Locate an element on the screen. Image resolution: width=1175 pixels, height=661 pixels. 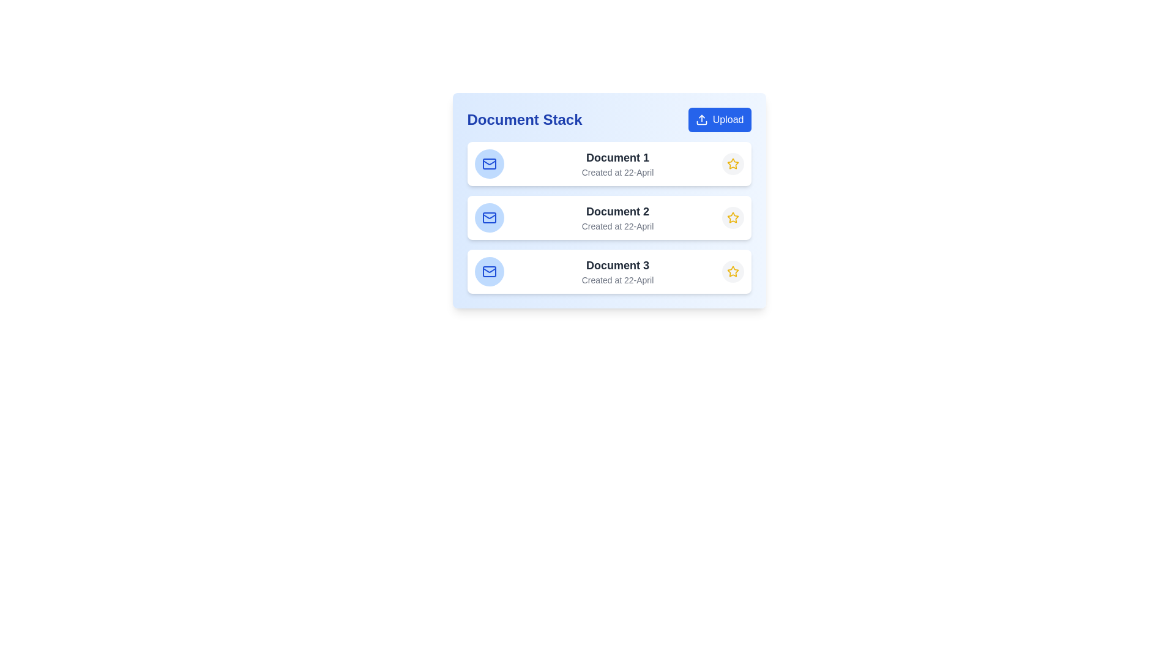
the circular button with a light gray background and a yellow star icon, located to the right of 'Document 2' and 'Created at 22-April' within the list item is located at coordinates (733, 217).